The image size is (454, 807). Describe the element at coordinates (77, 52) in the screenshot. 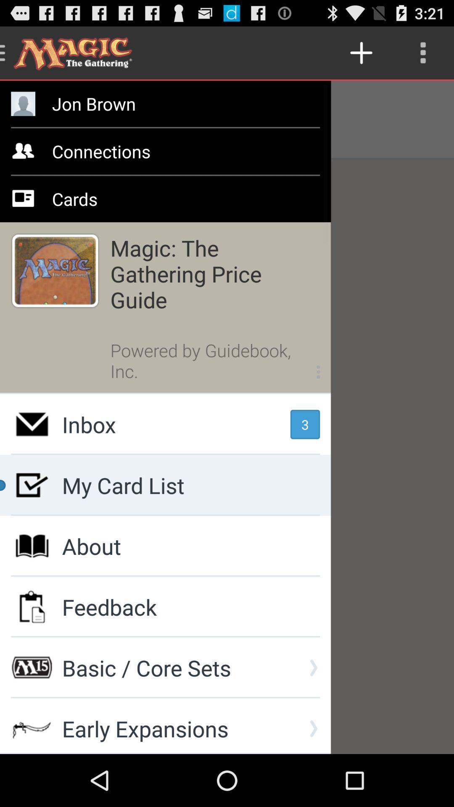

I see `the title at top left corner` at that location.